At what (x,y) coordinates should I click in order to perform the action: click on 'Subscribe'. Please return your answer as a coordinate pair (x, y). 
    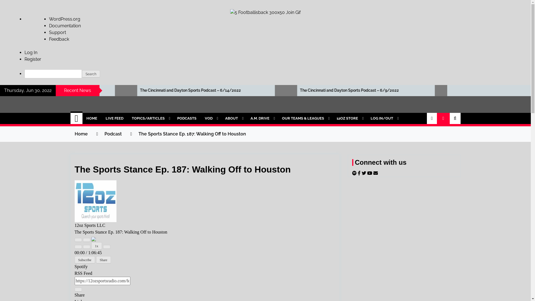
    Looking at the image, I should click on (84, 260).